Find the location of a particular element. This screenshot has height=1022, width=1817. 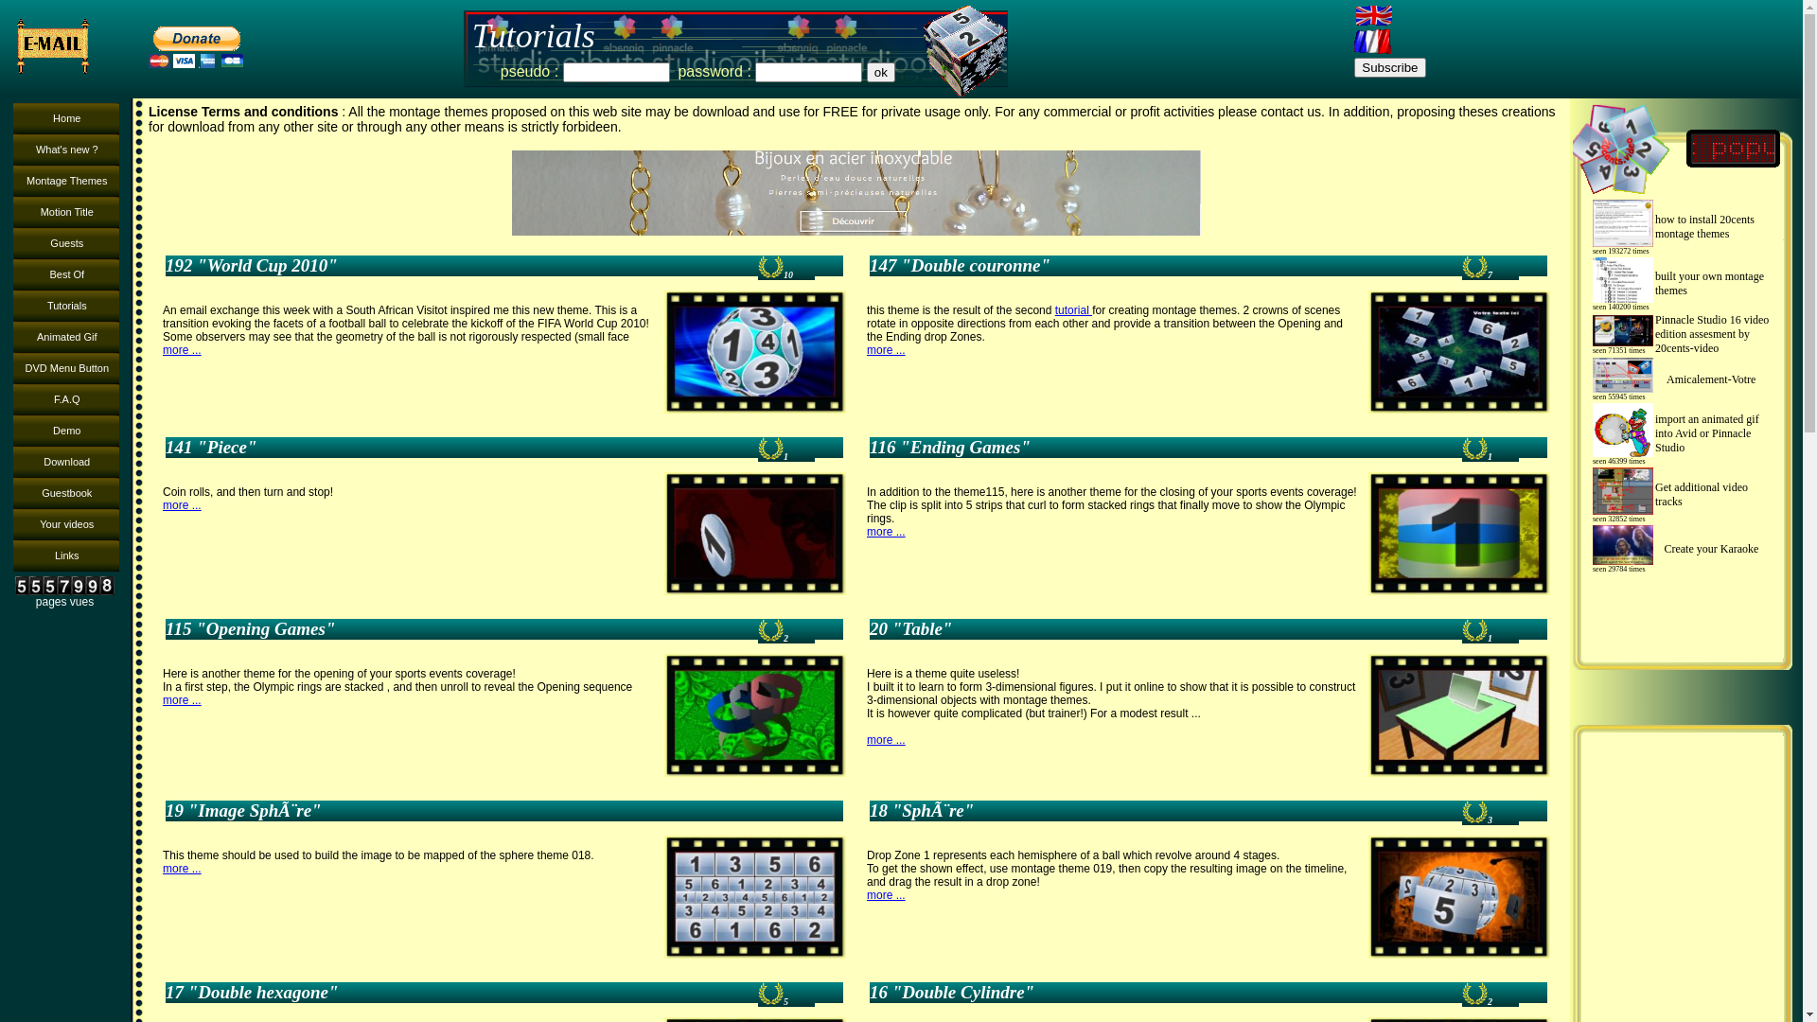

'seen 29784 times Create your Karaoke' is located at coordinates (1682, 548).